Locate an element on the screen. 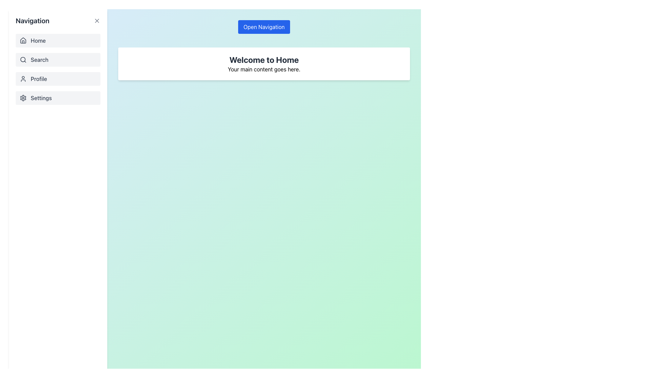 The height and width of the screenshot is (369, 656). text content of the prominent heading located at the upper section of the white rectangular card with rounded corners is located at coordinates (263, 59).